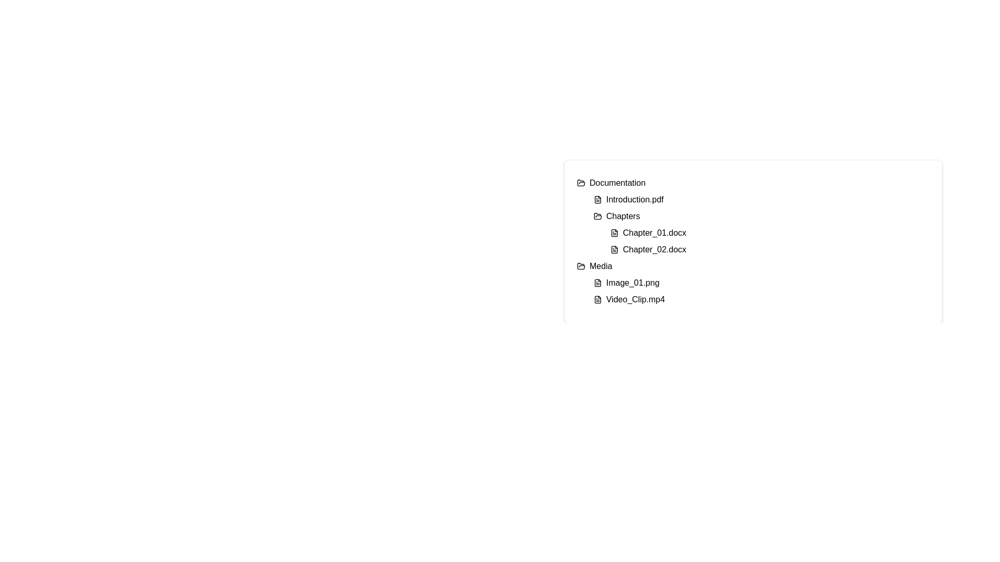 The height and width of the screenshot is (562, 1000). Describe the element at coordinates (597, 283) in the screenshot. I see `the document icon representing 'Image_01.png' in the Media folder, which is a stylized outline of a file with horizontal lines simulating text` at that location.